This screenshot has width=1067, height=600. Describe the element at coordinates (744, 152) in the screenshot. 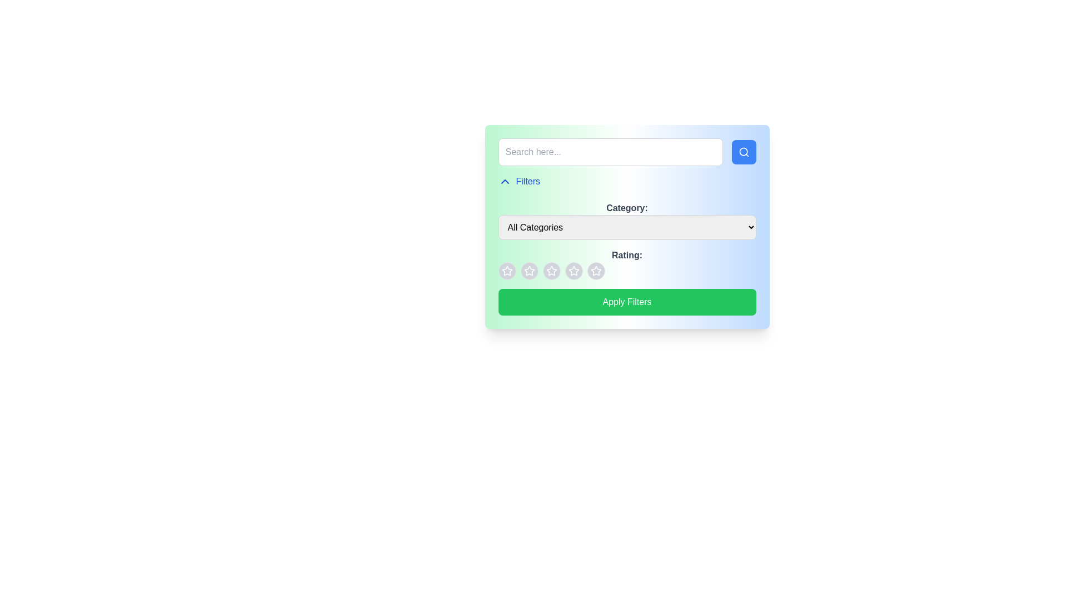

I see `the search button with a blue background and a white magnifying glass icon` at that location.